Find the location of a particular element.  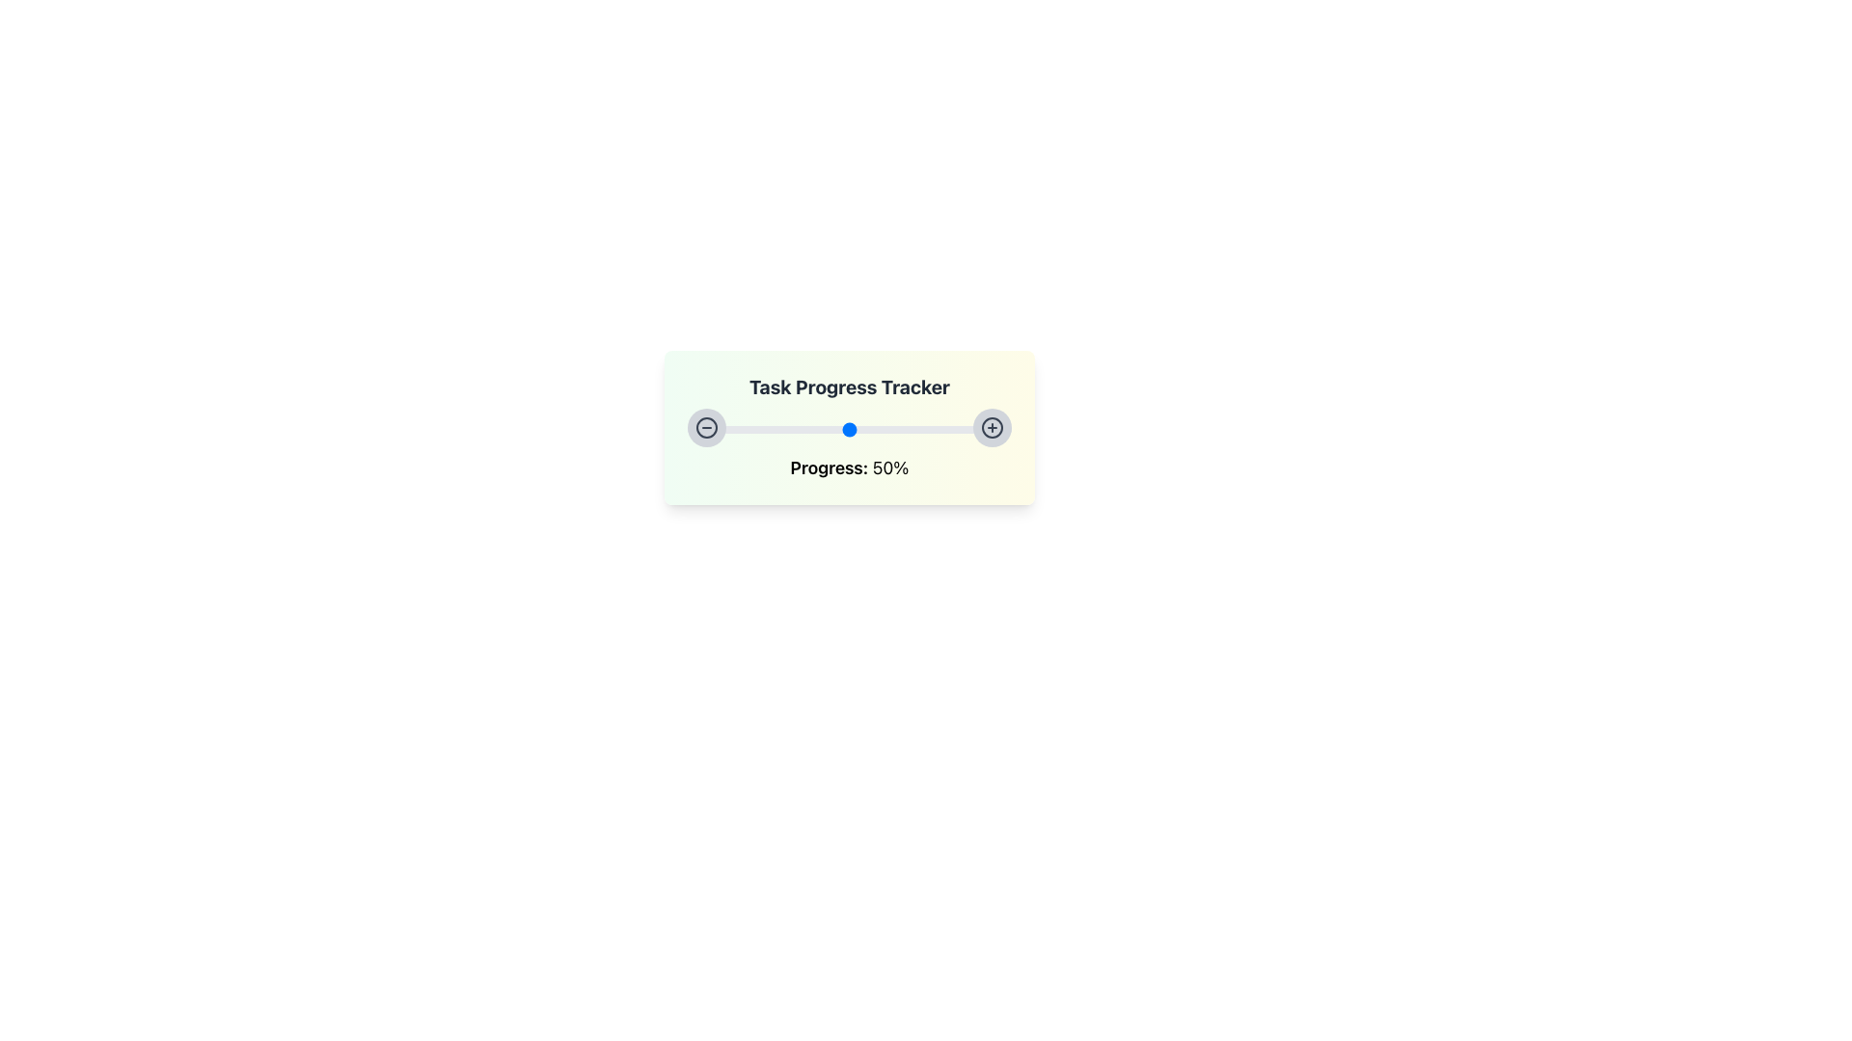

the inner circular component of the minus button located in the top-right corner of the interface, adjacent to the horizontal progress indicator is located at coordinates (706, 426).